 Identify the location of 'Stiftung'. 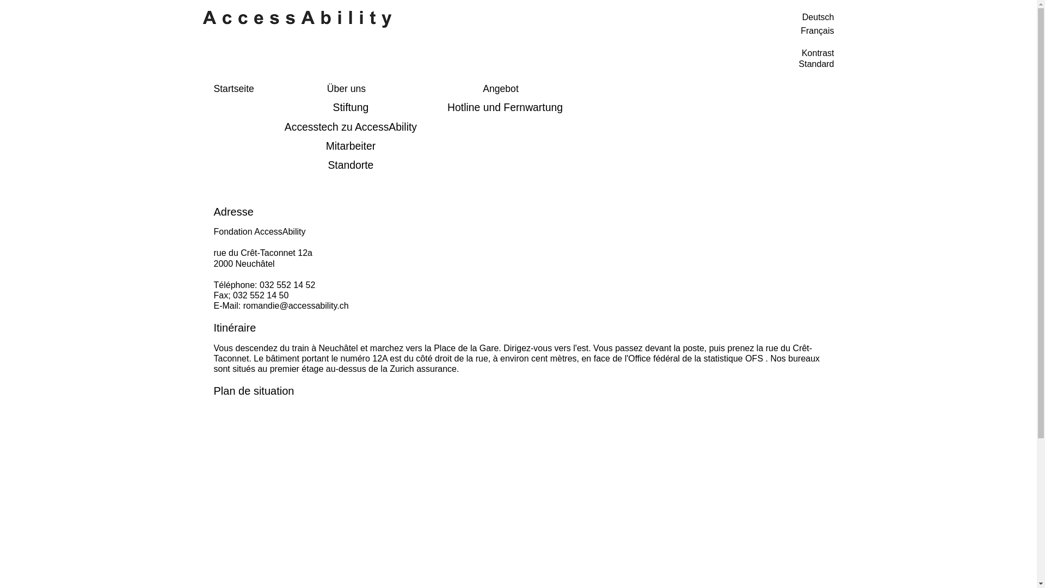
(274, 107).